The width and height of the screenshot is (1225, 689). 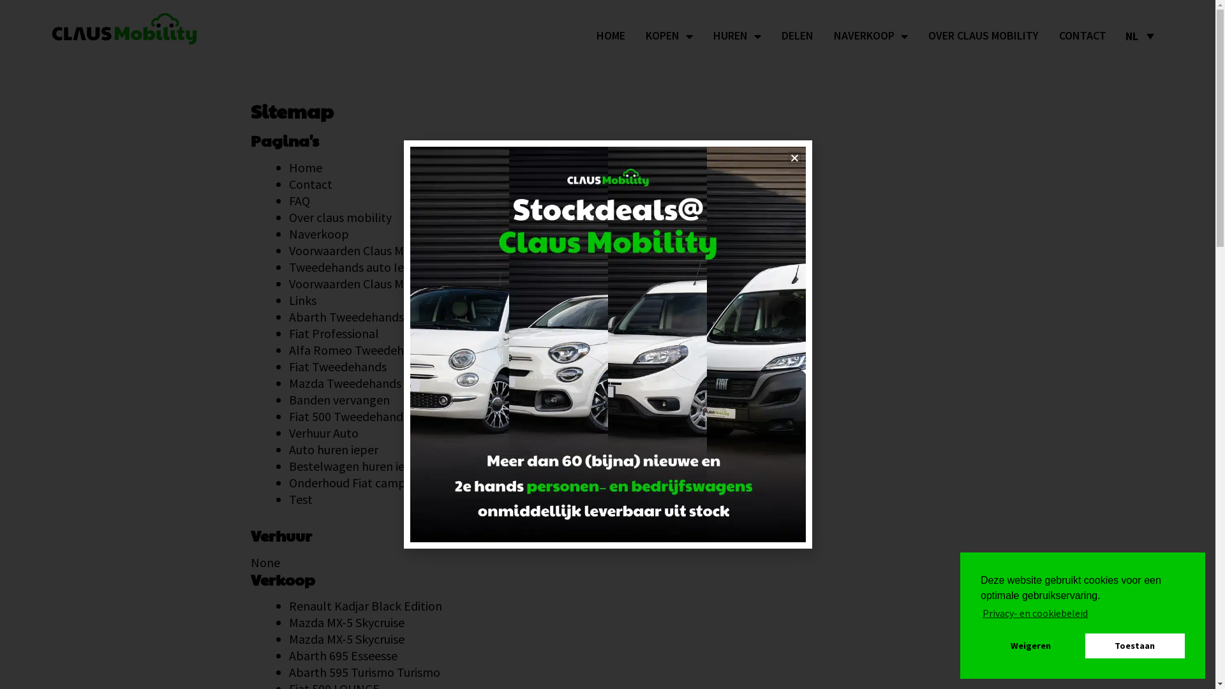 I want to click on 'Privacy- en cookiebeleid', so click(x=1035, y=612).